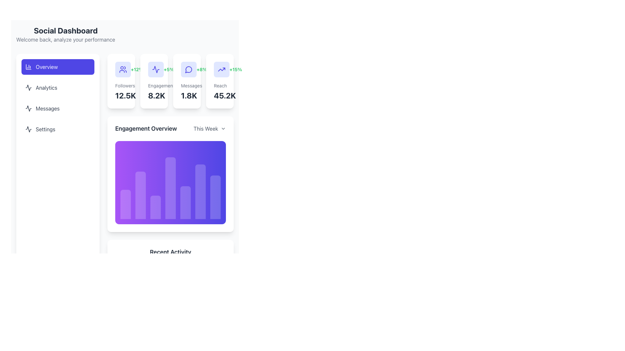 The image size is (625, 351). What do you see at coordinates (154, 95) in the screenshot?
I see `the text label displaying '8.2K' which is styled in bold dark gray font, located in the second card labeled 'Engagement' below the 'Engagement' title` at bounding box center [154, 95].